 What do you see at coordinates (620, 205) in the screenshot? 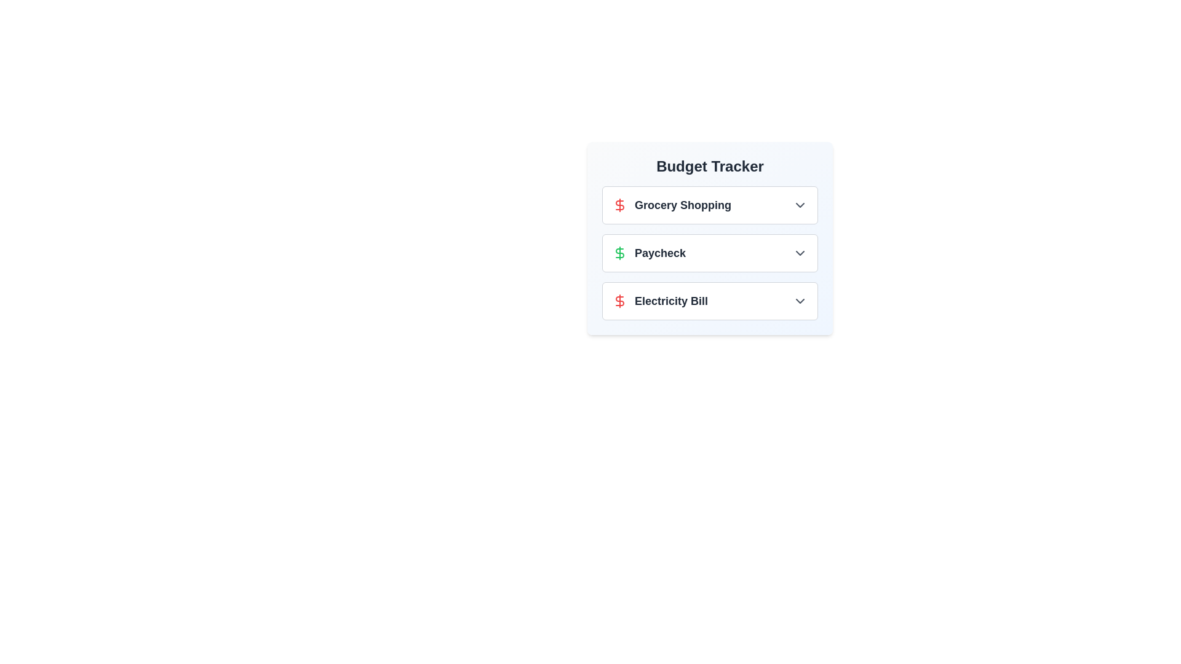
I see `the icon representing the transaction type for Grocery Shopping` at bounding box center [620, 205].